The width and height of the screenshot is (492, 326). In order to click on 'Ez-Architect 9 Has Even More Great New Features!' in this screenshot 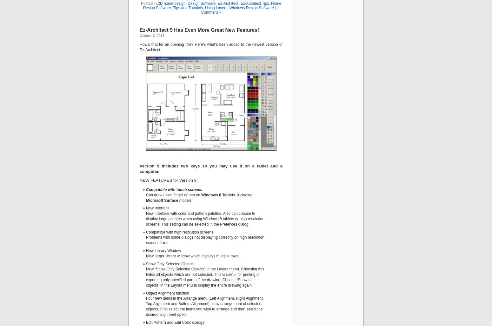, I will do `click(199, 30)`.